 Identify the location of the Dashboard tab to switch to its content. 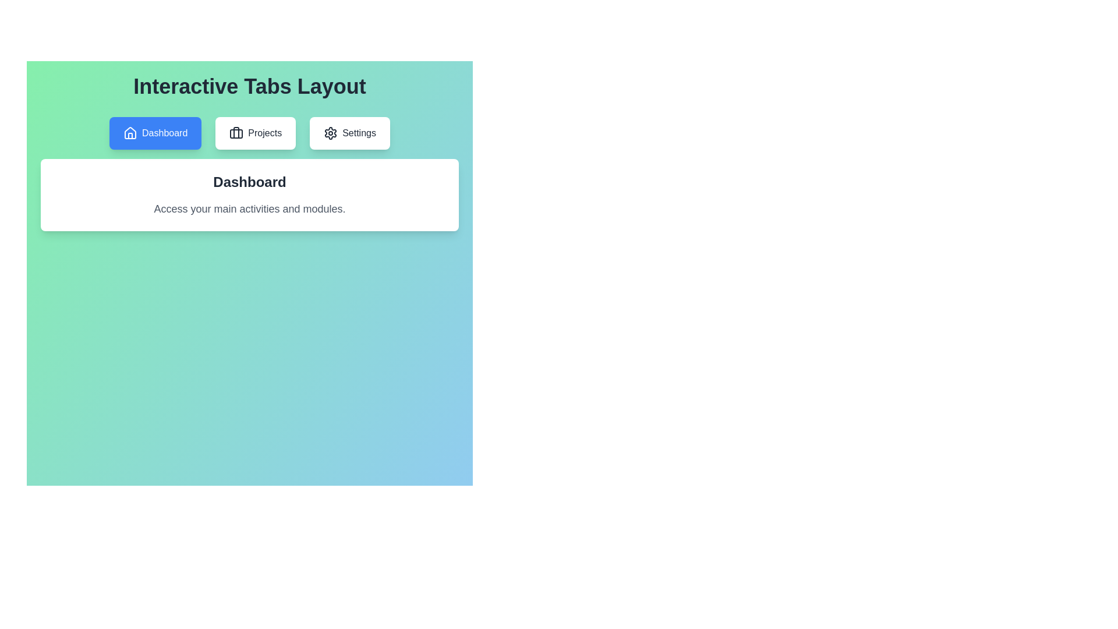
(155, 132).